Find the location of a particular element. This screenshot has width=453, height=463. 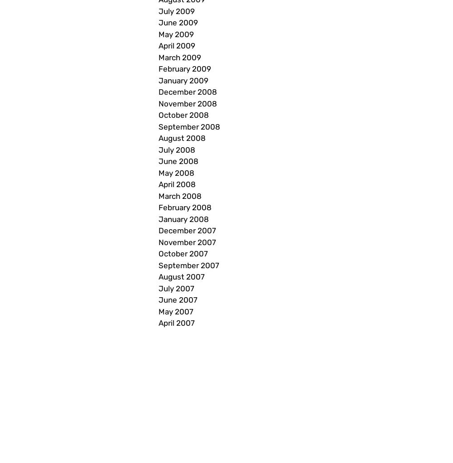

'March 2008' is located at coordinates (180, 195).